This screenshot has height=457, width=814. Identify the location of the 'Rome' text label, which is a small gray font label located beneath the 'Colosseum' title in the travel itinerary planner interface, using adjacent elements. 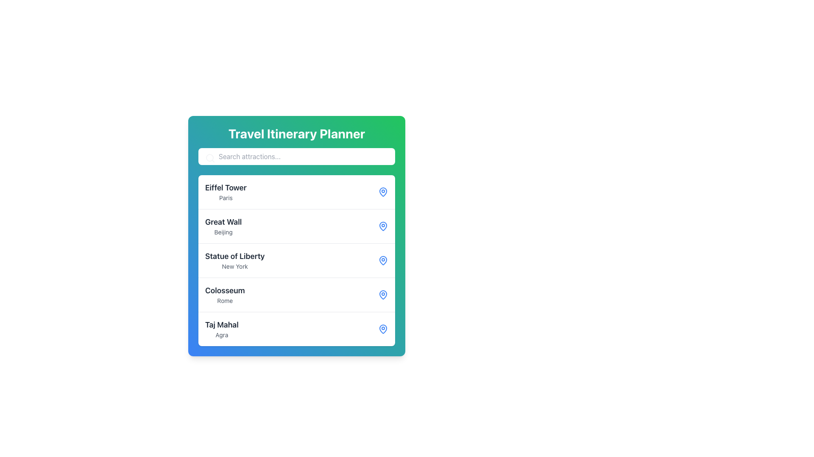
(225, 300).